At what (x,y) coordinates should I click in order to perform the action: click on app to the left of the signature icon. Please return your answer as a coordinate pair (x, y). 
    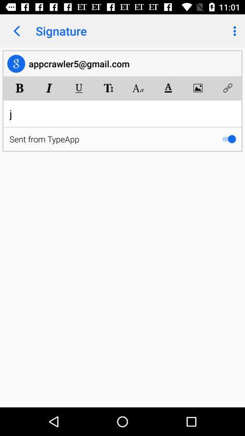
    Looking at the image, I should click on (16, 31).